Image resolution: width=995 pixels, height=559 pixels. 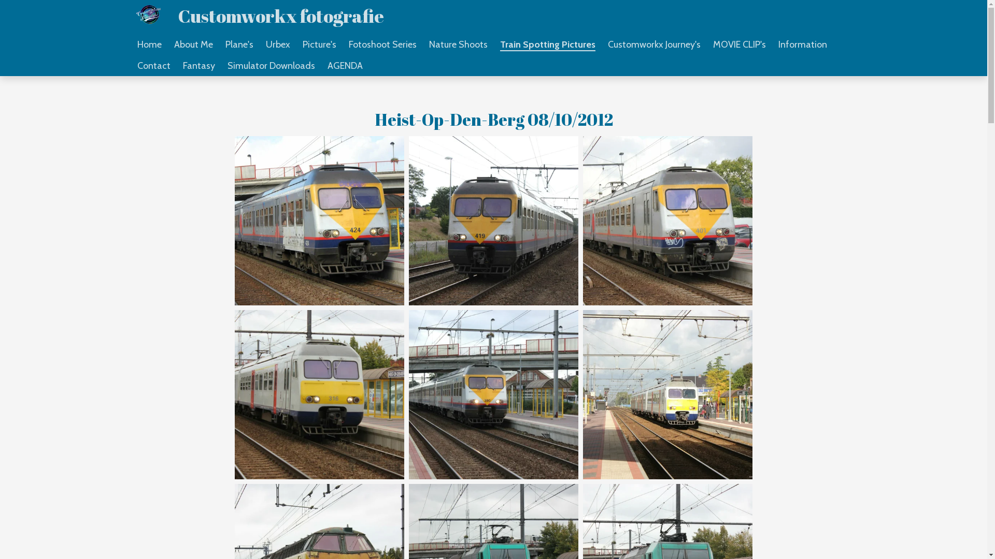 I want to click on 'Nature Shoots', so click(x=458, y=43).